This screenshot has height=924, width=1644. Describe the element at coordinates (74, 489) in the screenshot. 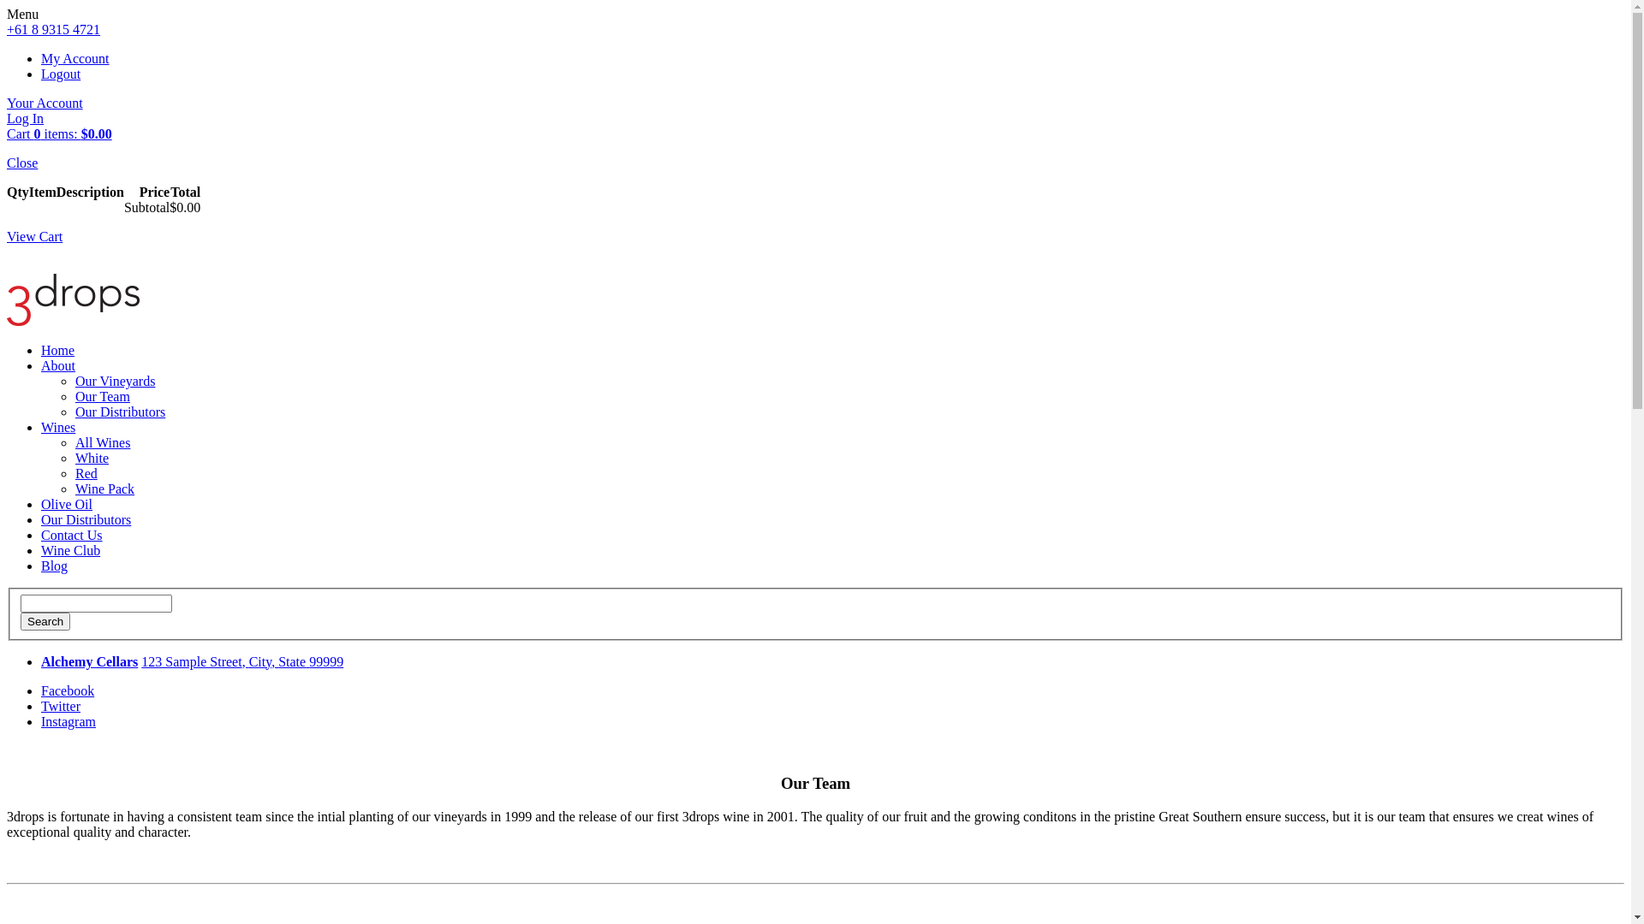

I see `'Wine Pack'` at that location.